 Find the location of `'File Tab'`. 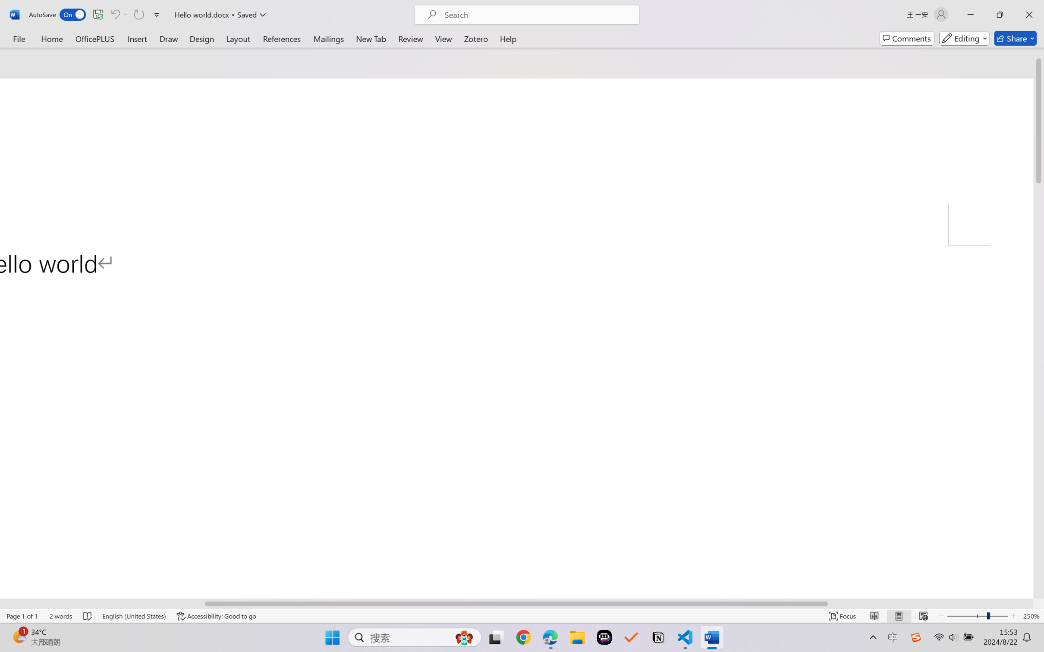

'File Tab' is located at coordinates (19, 38).